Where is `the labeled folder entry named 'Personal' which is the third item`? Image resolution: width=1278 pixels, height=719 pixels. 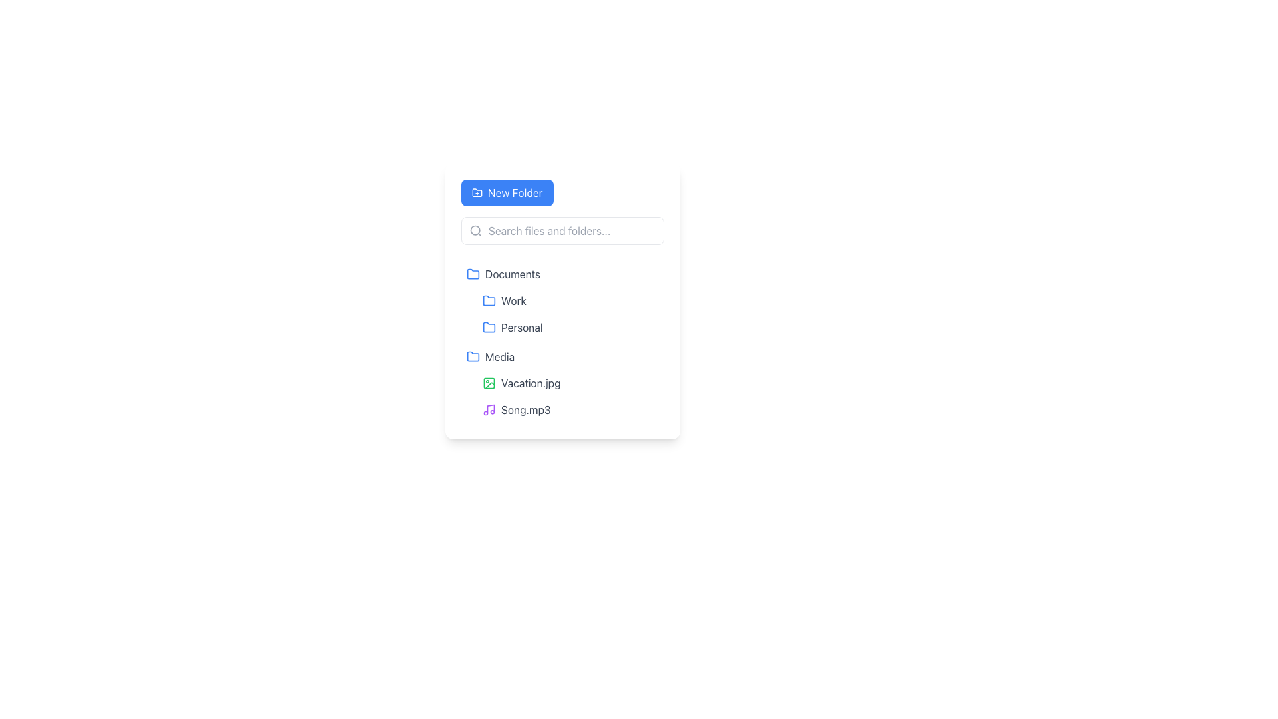 the labeled folder entry named 'Personal' which is the third item is located at coordinates (562, 328).